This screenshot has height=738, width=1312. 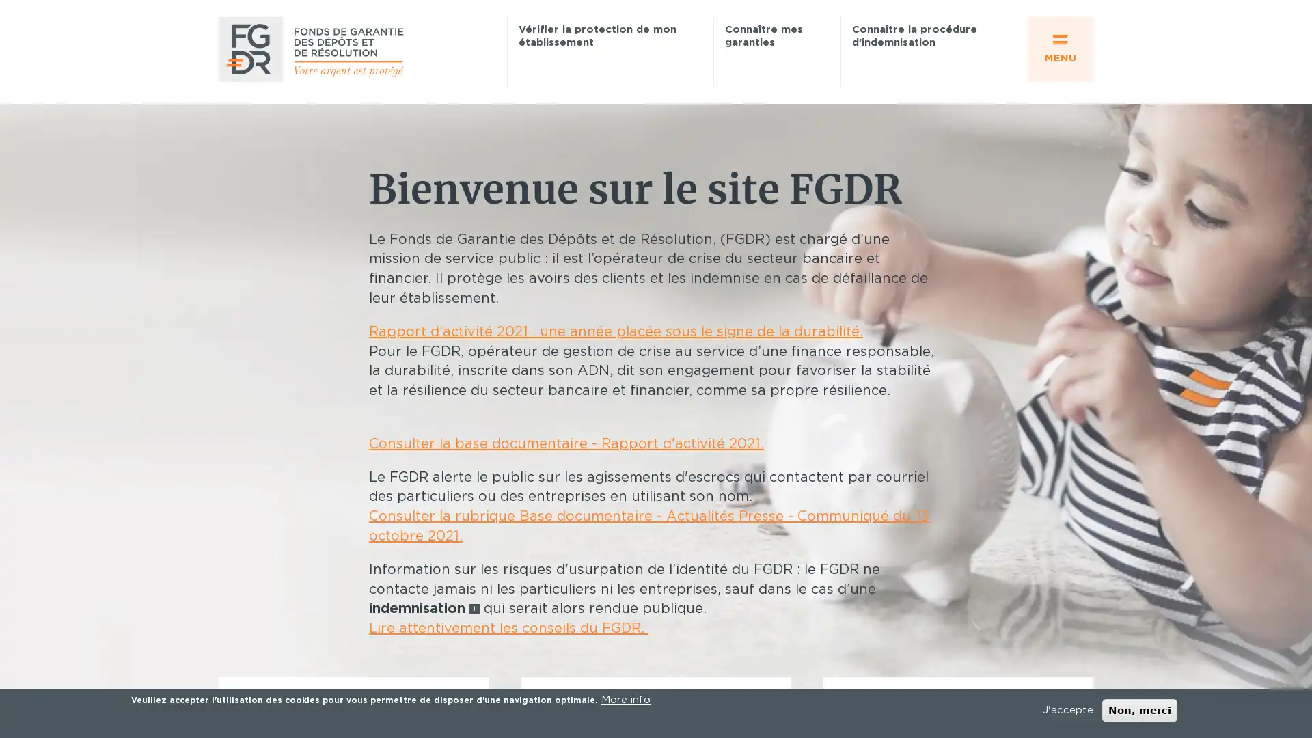 I want to click on Non, merci, so click(x=1139, y=710).